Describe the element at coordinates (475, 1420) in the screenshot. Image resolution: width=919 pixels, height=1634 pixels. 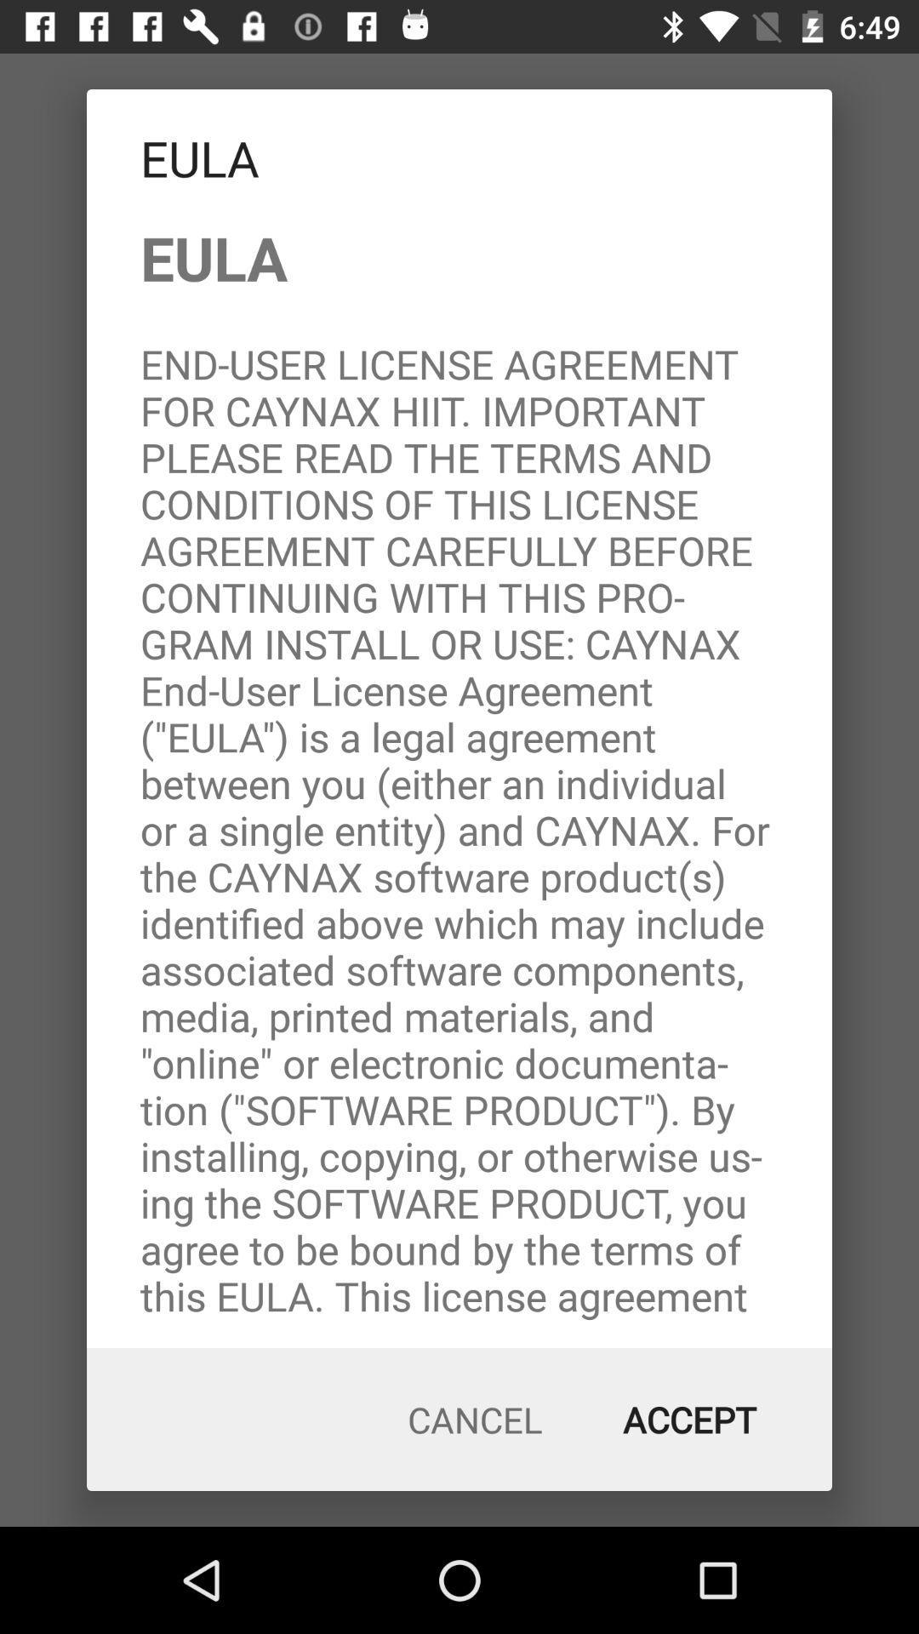
I see `the item to the left of the accept icon` at that location.